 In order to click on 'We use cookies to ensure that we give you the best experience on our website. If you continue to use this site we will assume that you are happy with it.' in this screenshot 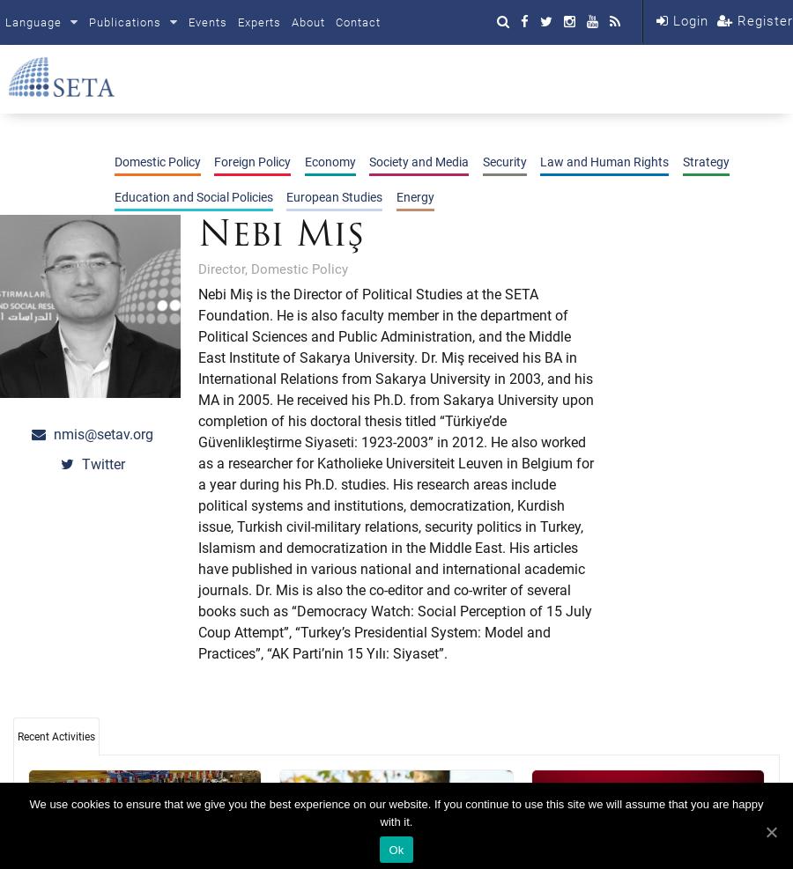, I will do `click(396, 813)`.